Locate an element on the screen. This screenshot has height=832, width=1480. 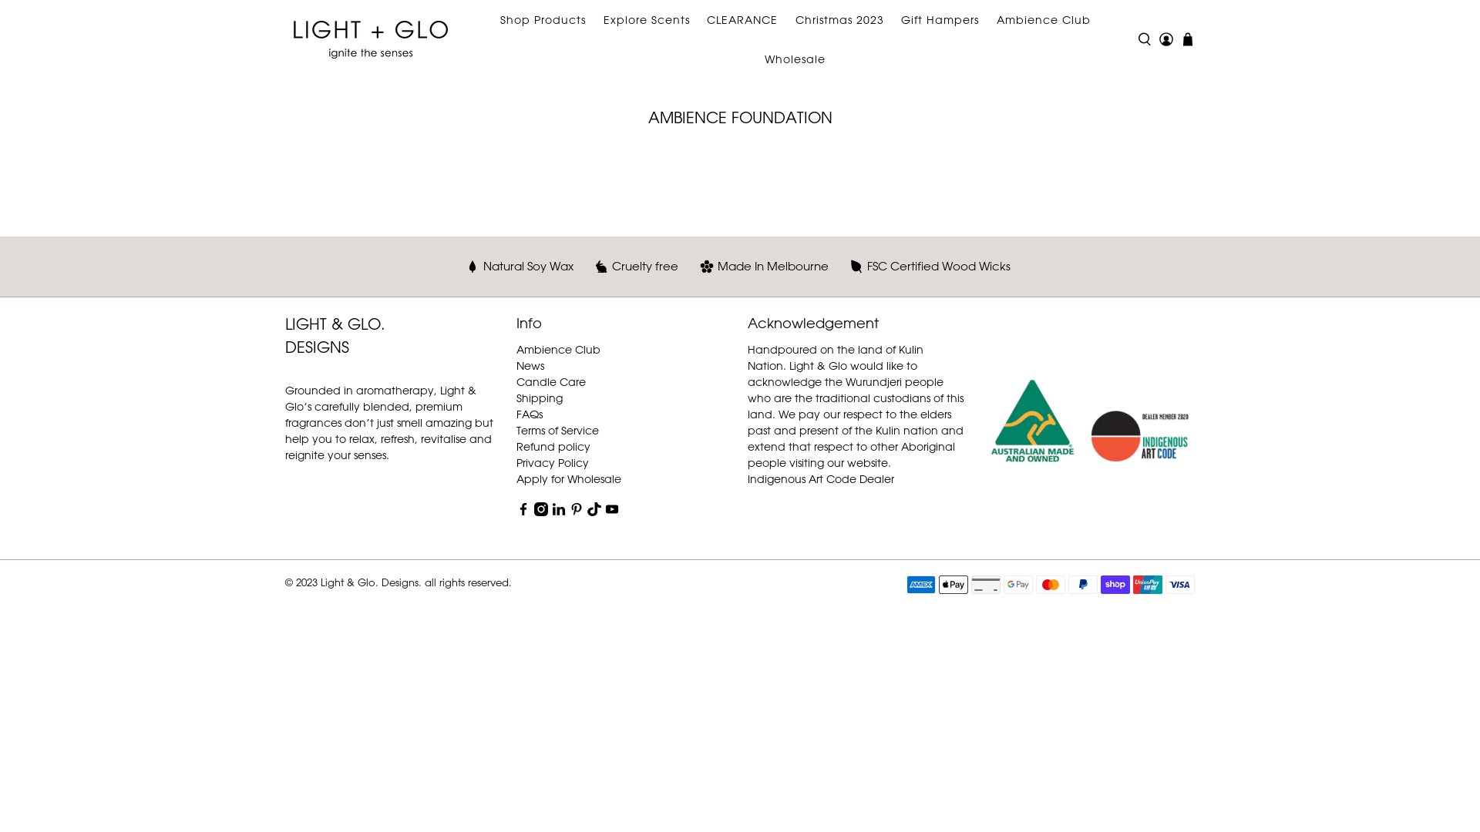
'Gift Hampers' is located at coordinates (939, 19).